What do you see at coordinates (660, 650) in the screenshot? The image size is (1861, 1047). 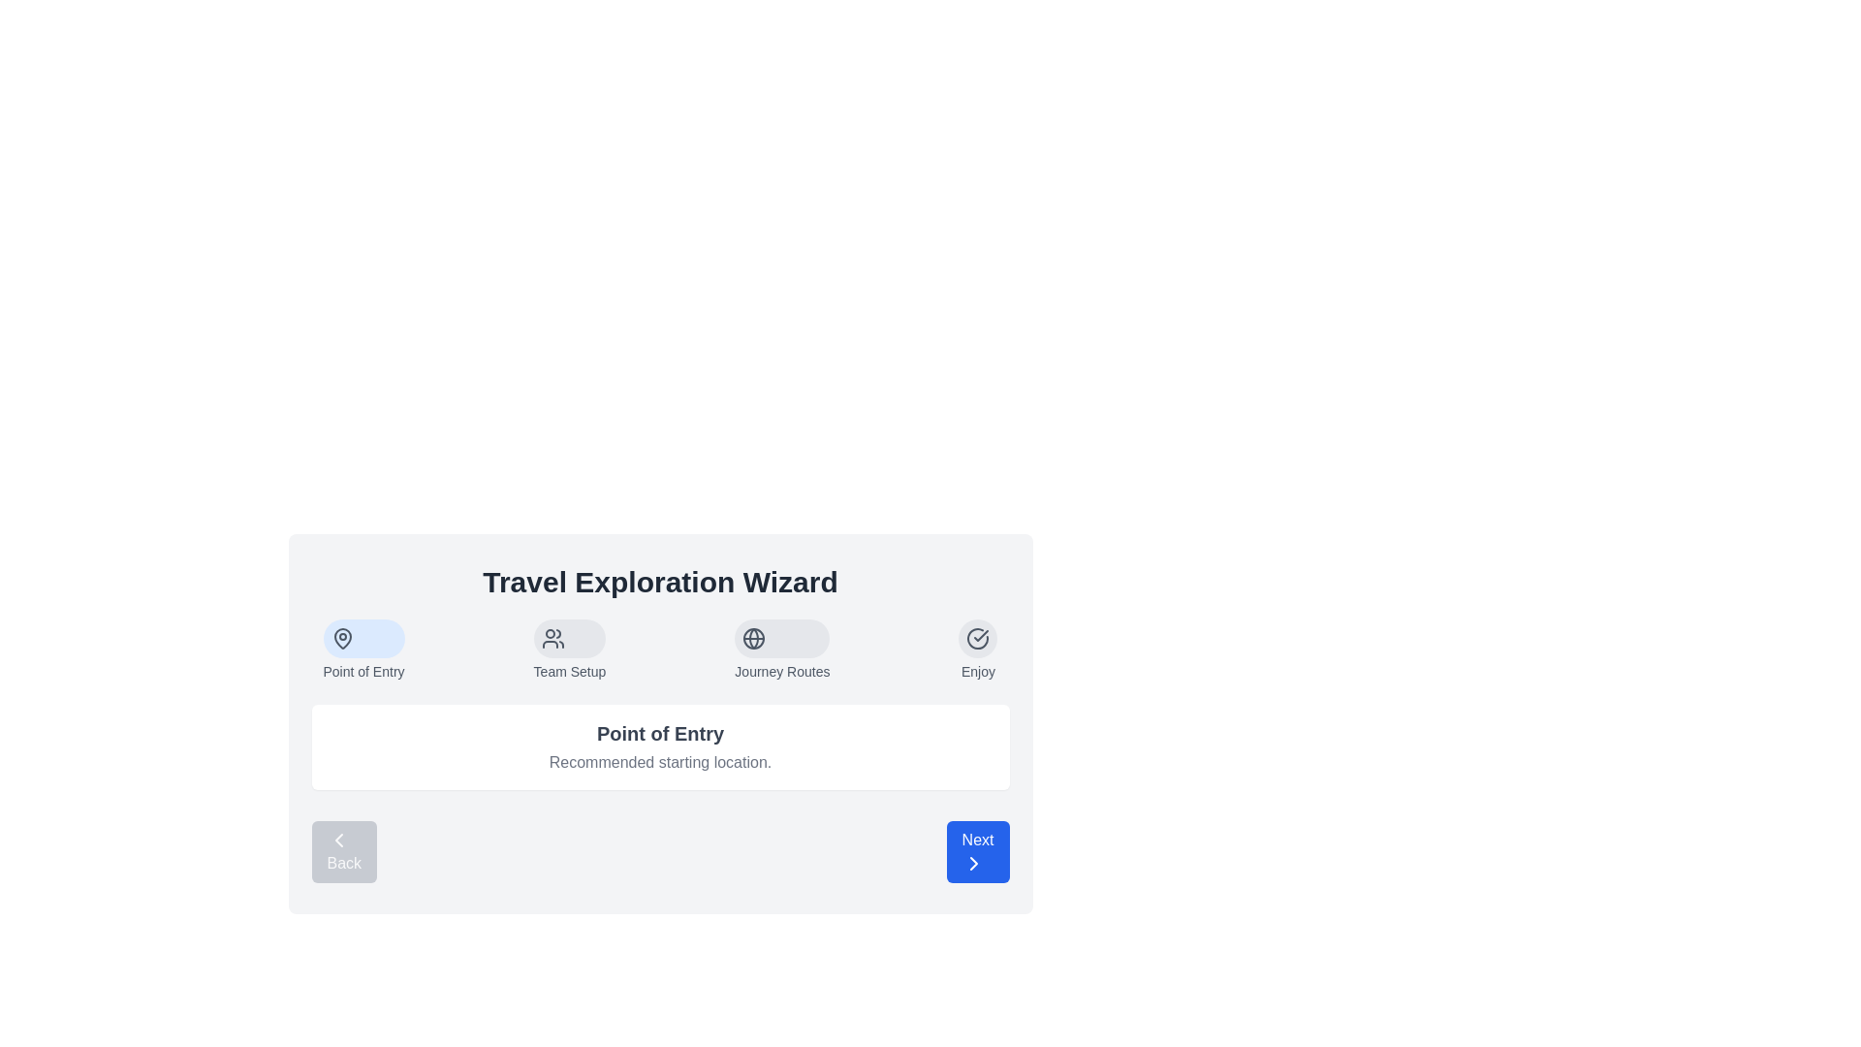 I see `the navigation bar section` at bounding box center [660, 650].